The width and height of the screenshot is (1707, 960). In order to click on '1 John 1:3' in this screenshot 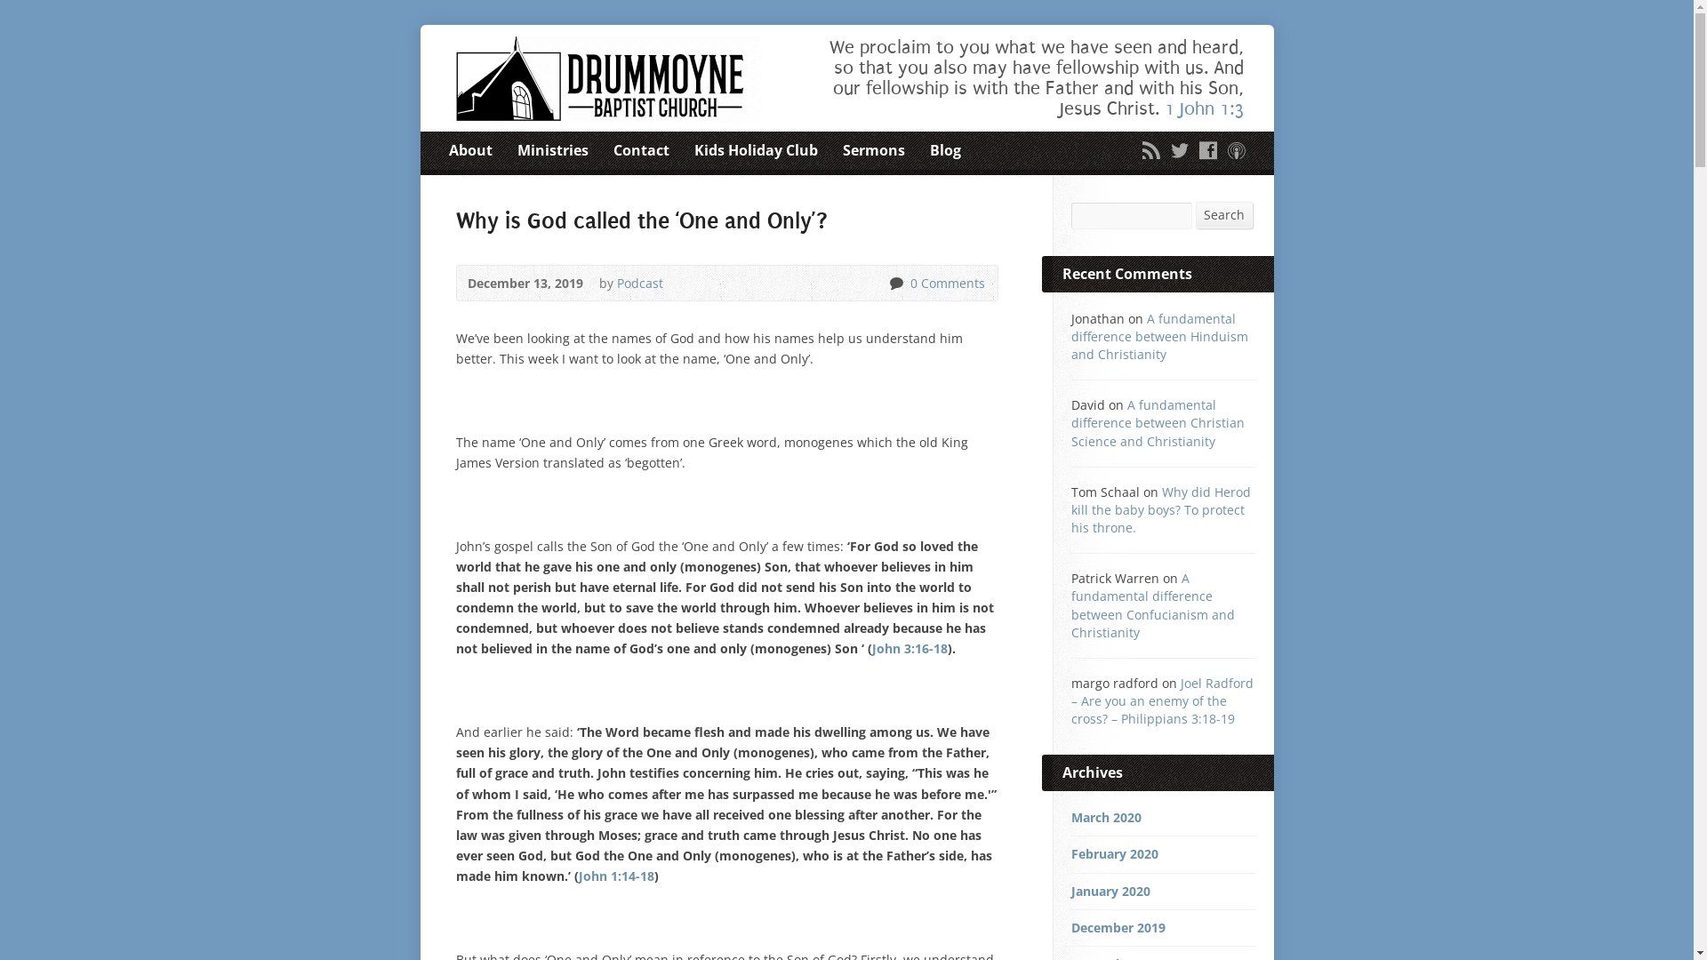, I will do `click(1204, 108)`.